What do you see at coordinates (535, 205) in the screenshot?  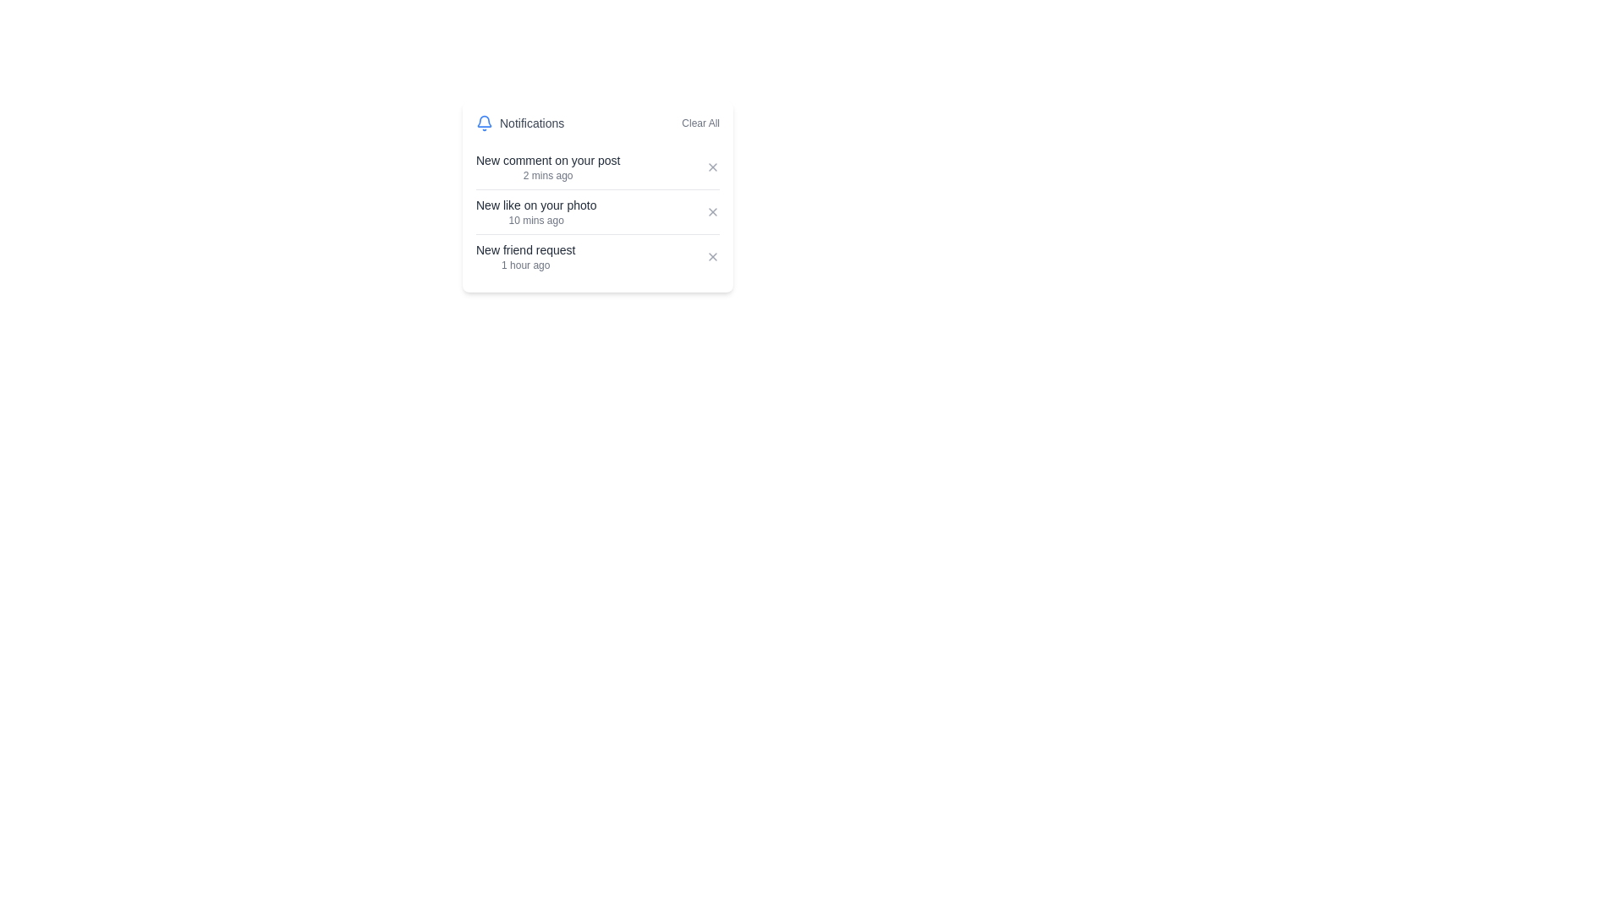 I see `the notification message indicating that someone has liked the user's photo, located below the 'New comment on your post' notification and above the 'New friend request' notification` at bounding box center [535, 205].